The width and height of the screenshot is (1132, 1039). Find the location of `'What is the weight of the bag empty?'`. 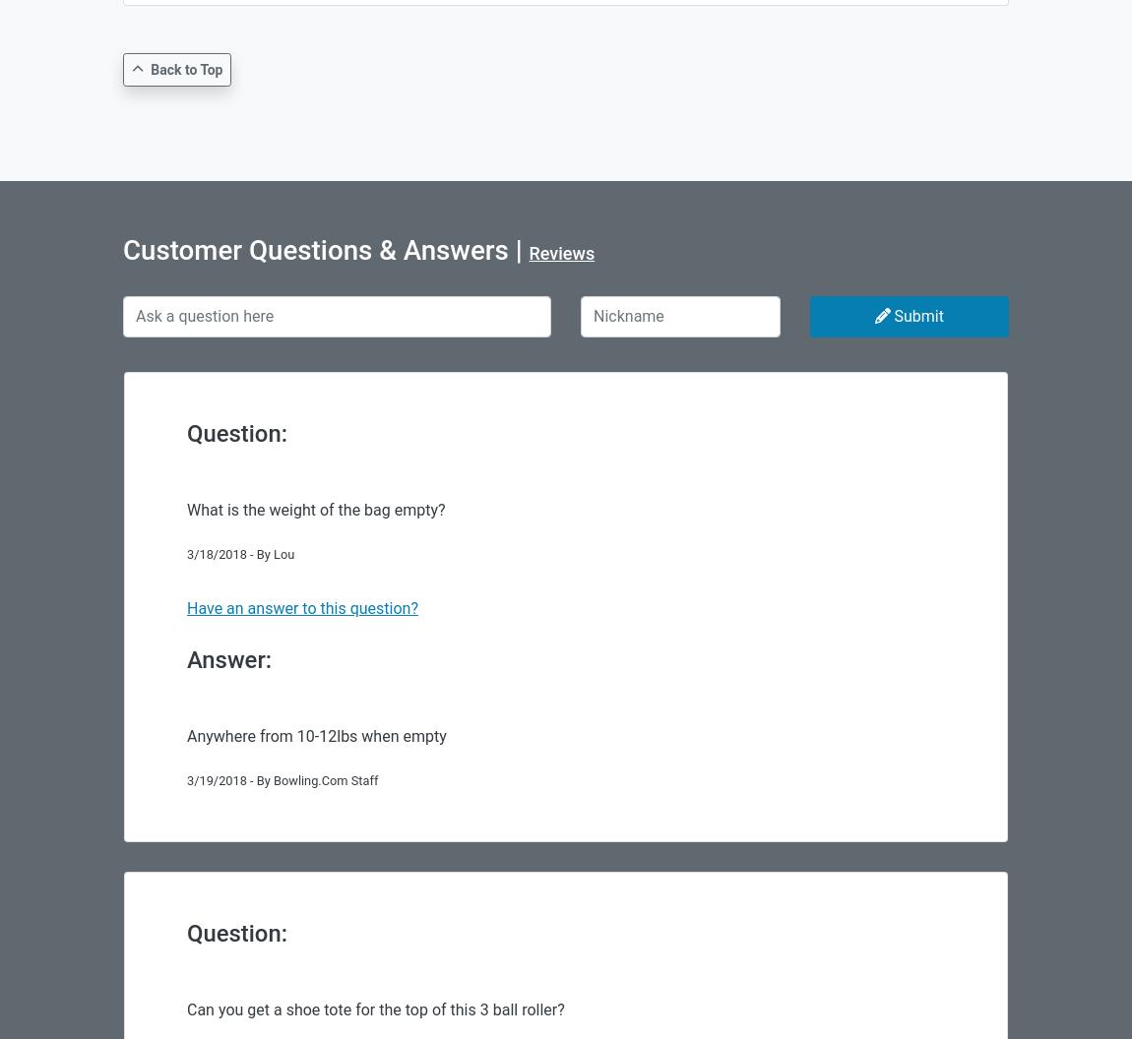

'What is the weight of the bag empty?' is located at coordinates (315, 508).